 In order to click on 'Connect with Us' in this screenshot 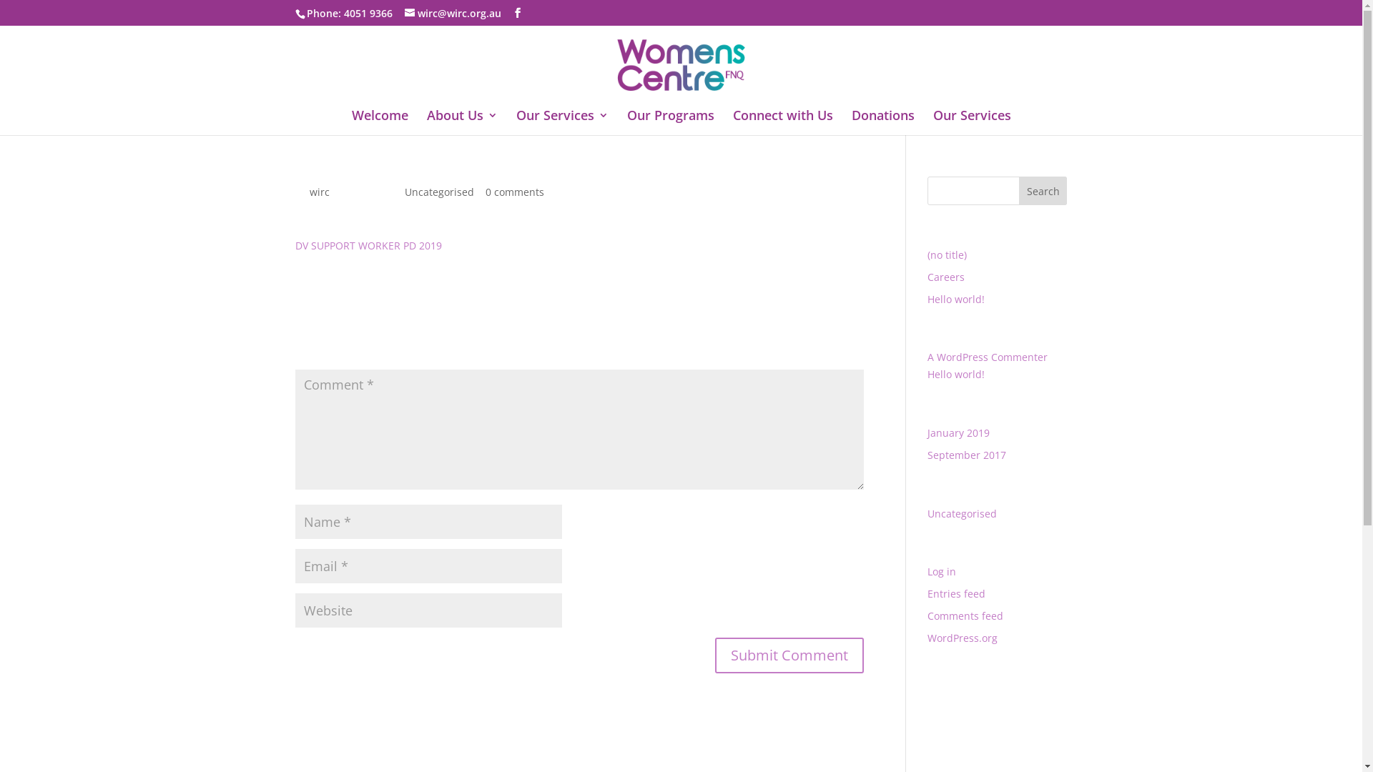, I will do `click(782, 122)`.